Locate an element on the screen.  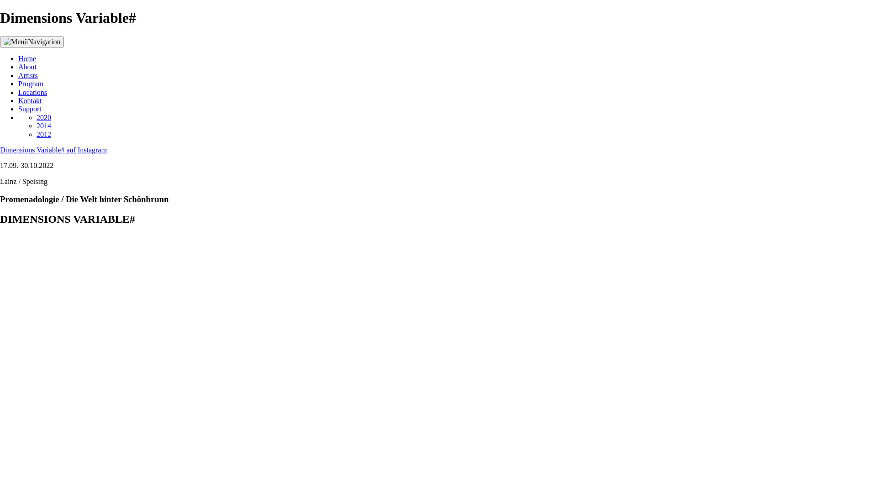
'2020' is located at coordinates (43, 117).